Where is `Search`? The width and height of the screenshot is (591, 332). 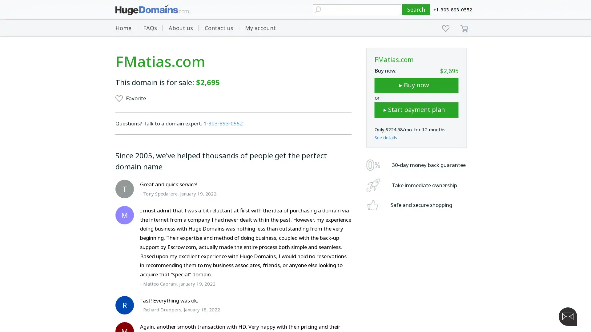 Search is located at coordinates (416, 10).